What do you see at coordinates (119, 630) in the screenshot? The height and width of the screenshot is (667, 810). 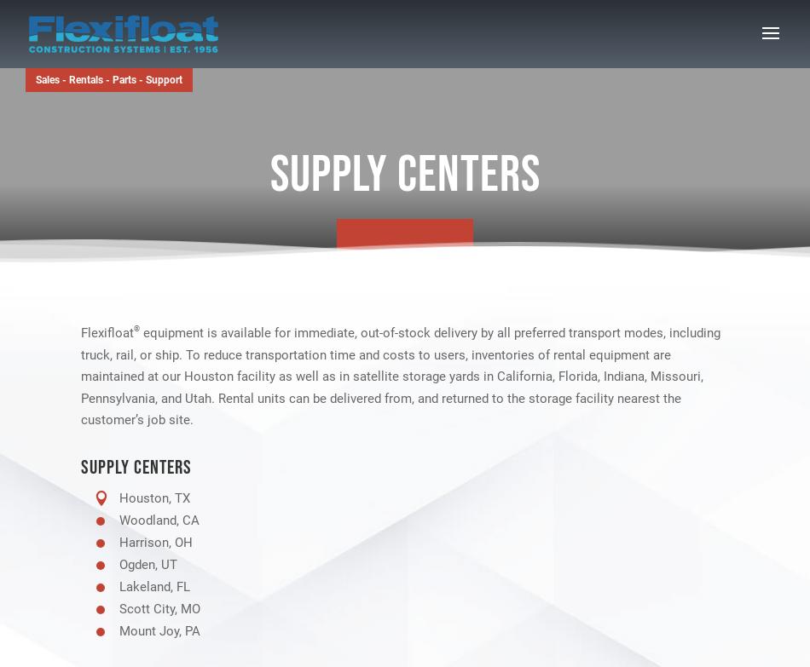 I see `'Mount Joy, PA'` at bounding box center [119, 630].